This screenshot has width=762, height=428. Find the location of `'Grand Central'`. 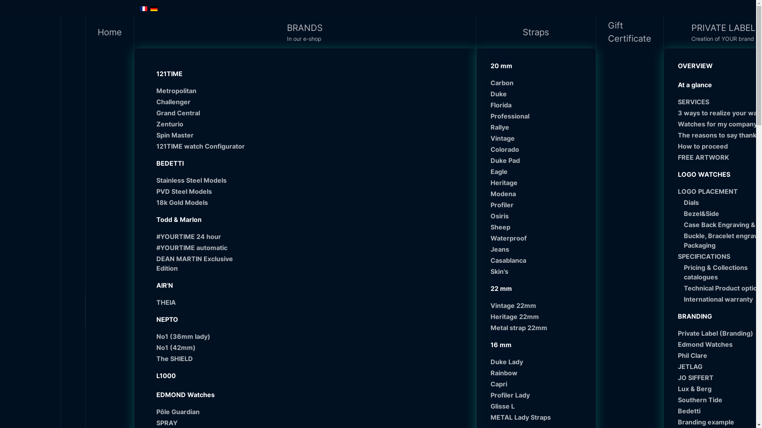

'Grand Central' is located at coordinates (201, 113).